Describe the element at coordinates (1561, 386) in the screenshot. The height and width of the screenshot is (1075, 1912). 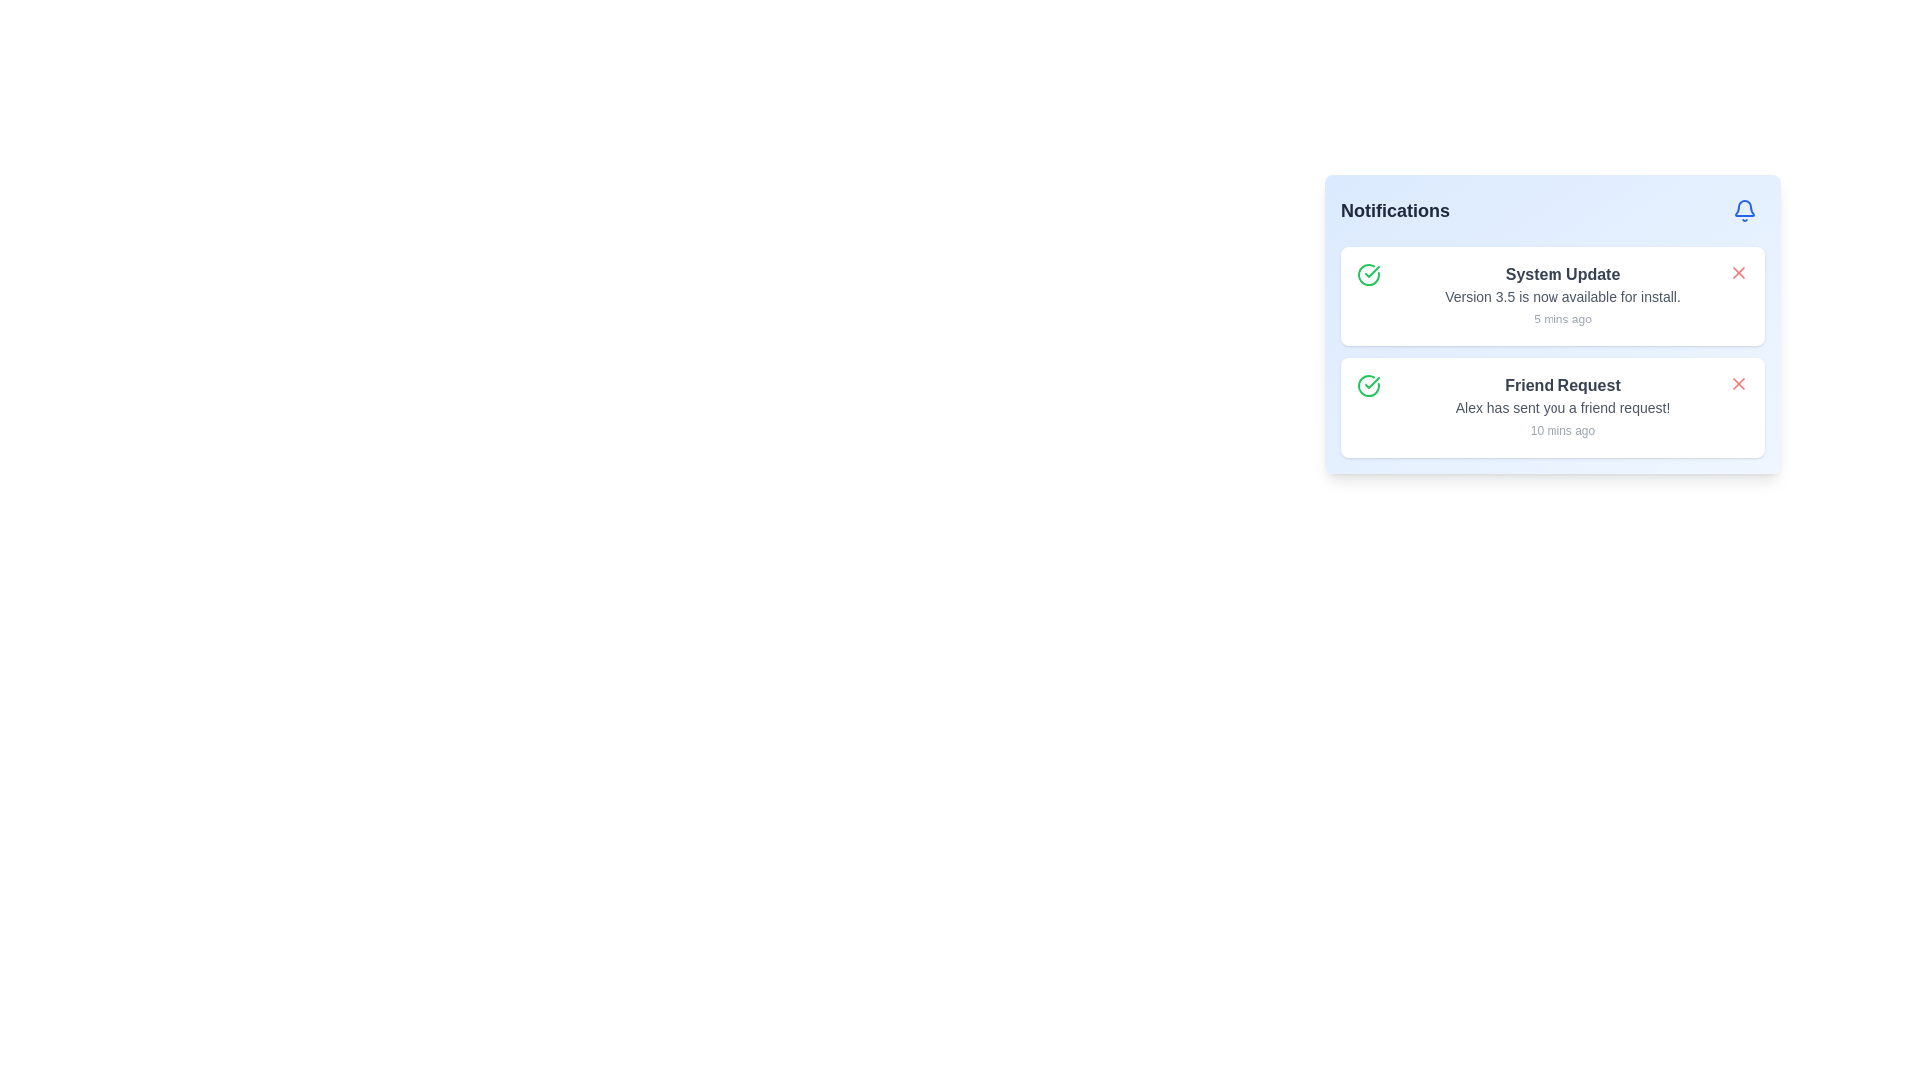
I see `the bold textual label 'Friend Request' located at the top of the second notification card, above the text 'Alex has sent you a friend request!'` at that location.